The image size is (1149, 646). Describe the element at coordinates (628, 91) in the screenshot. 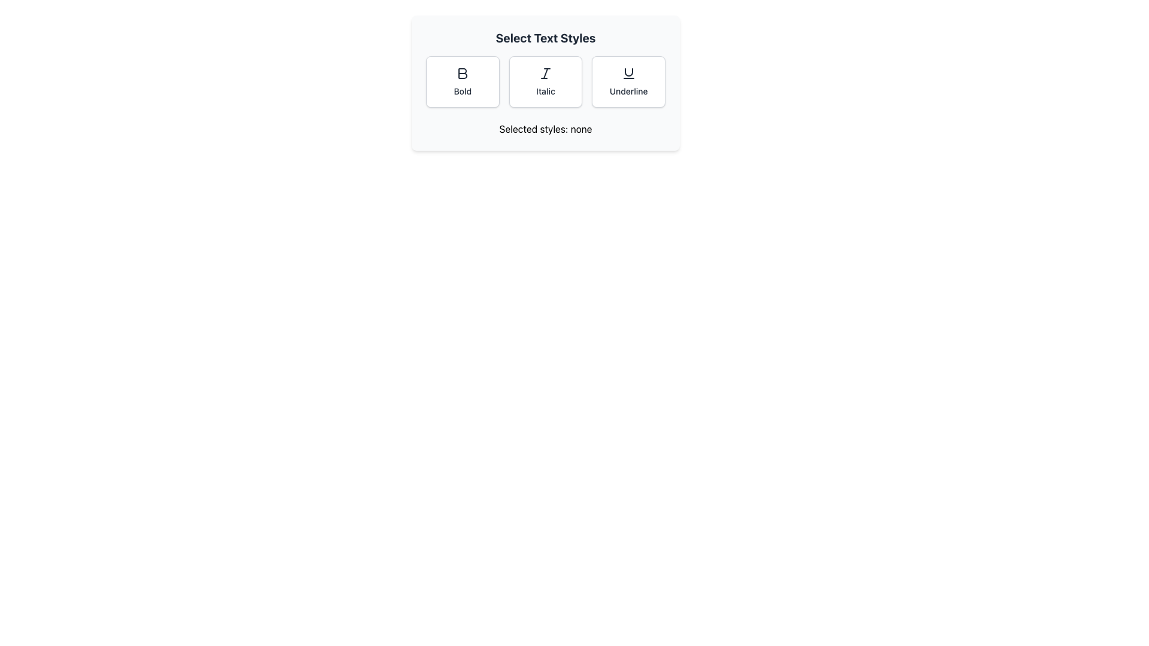

I see `the 'Underline' text label` at that location.